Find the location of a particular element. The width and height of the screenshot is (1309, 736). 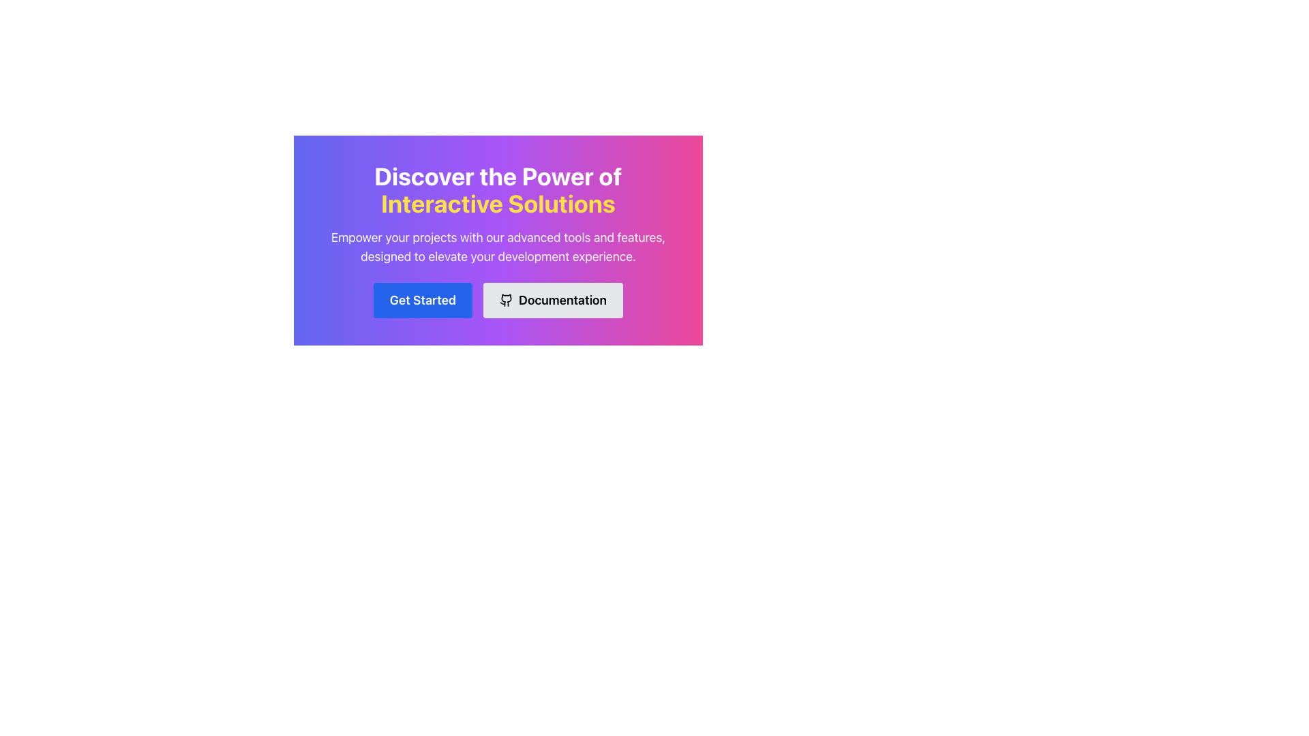

the GitHub icon located at the top-right corner of the main content area is located at coordinates (506, 299).